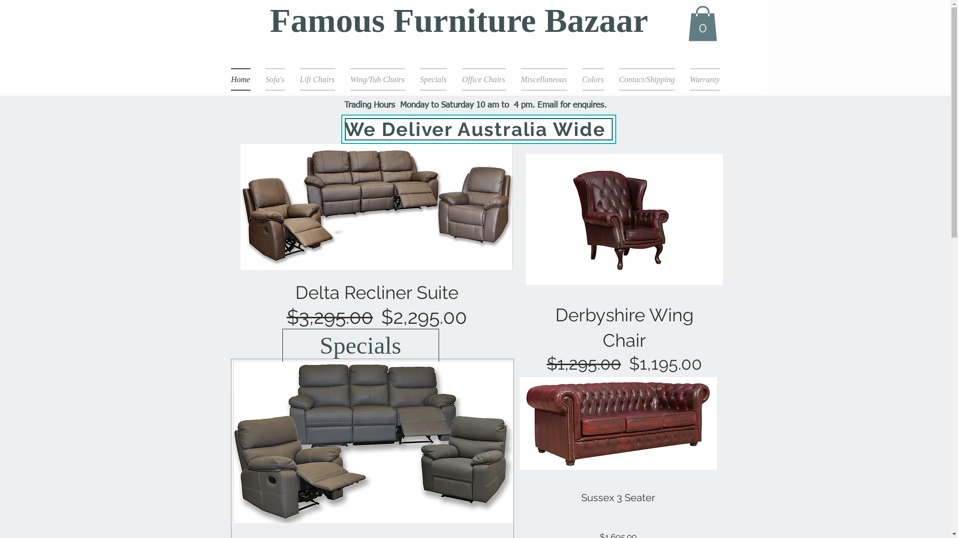 This screenshot has height=538, width=958. I want to click on 'Warranty', so click(701, 79).